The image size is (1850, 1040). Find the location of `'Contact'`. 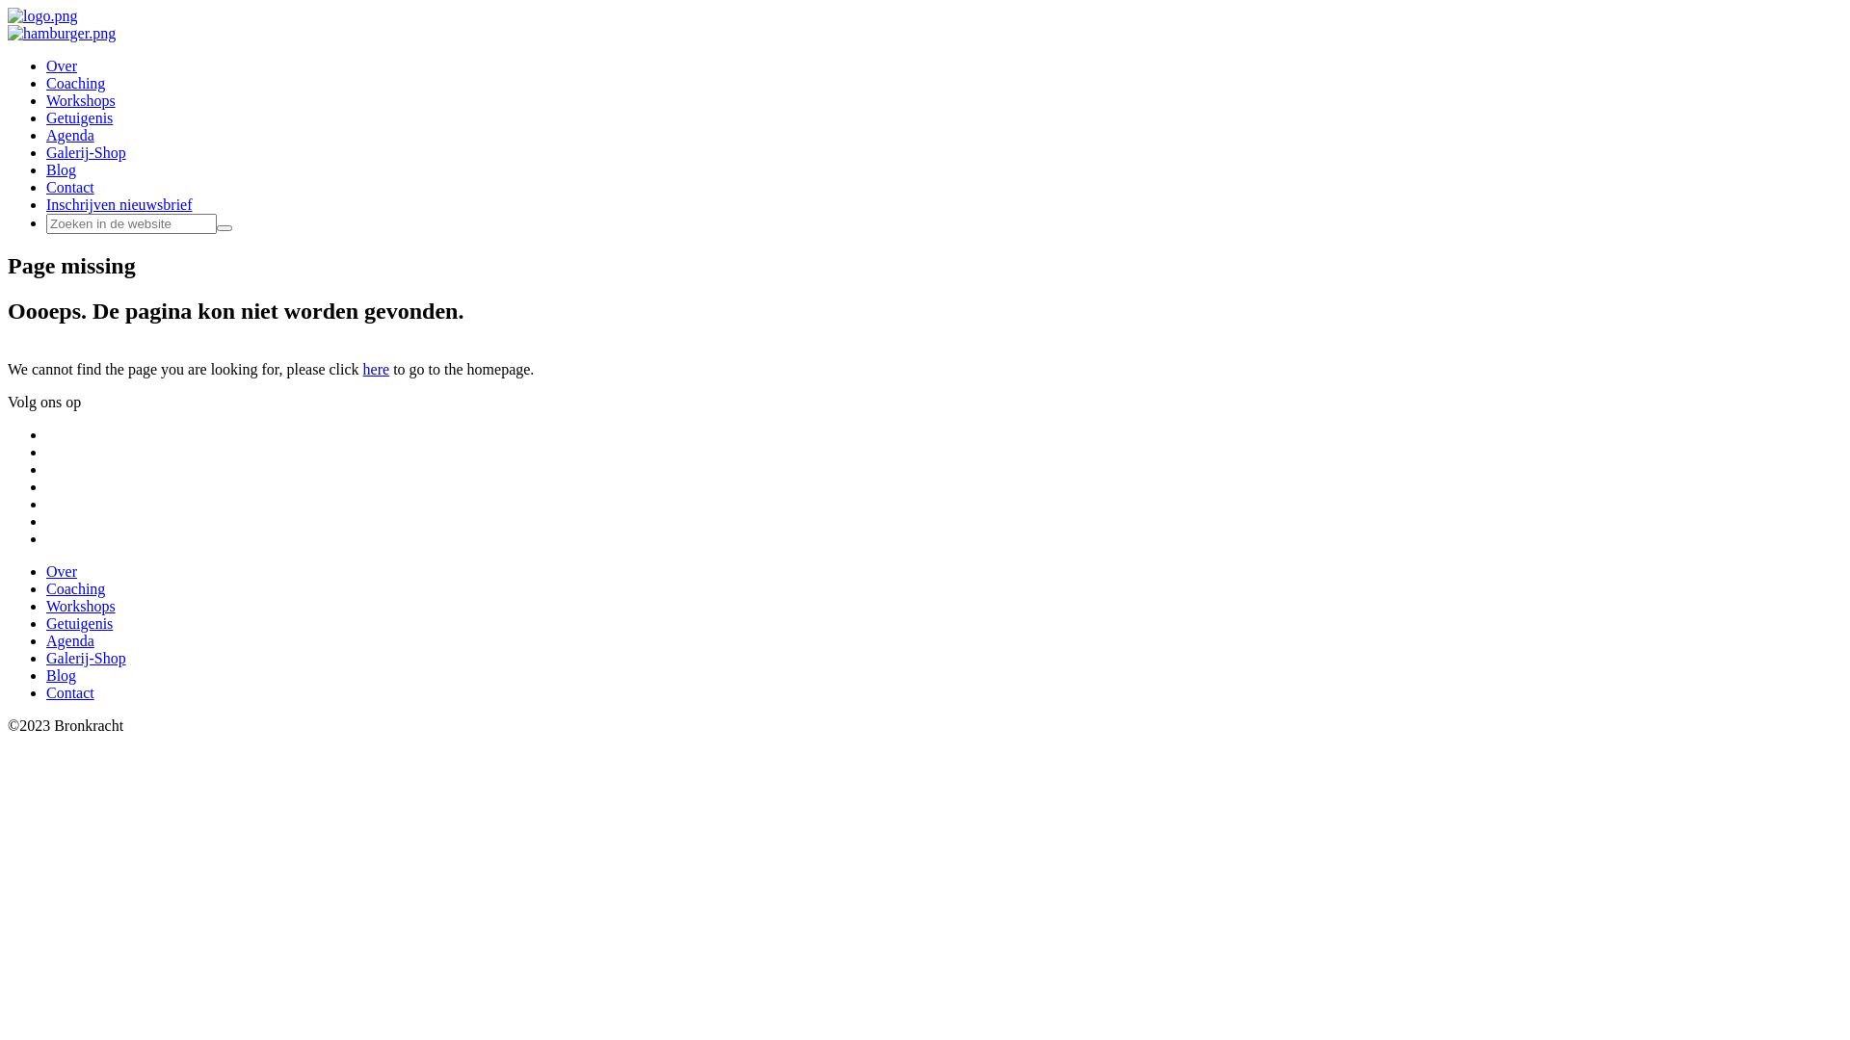

'Contact' is located at coordinates (69, 187).